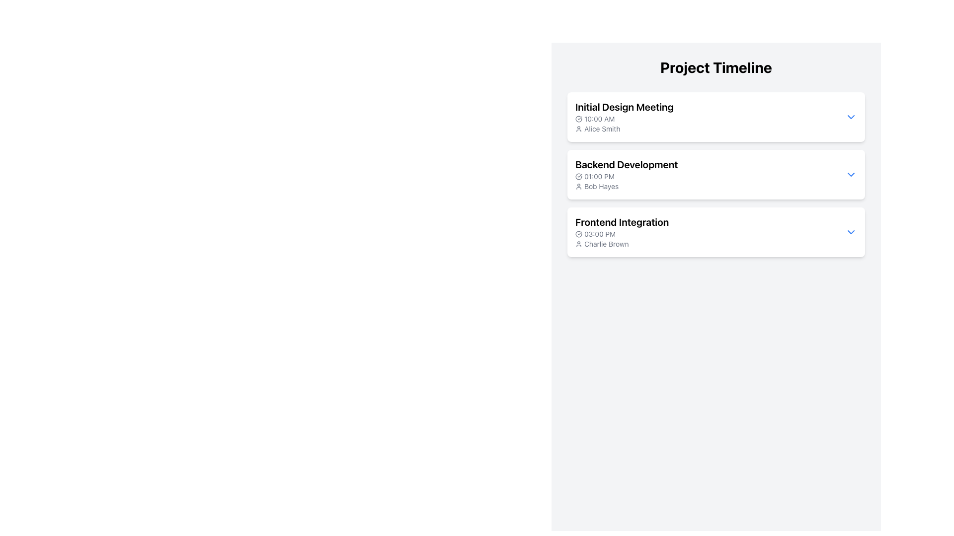 The width and height of the screenshot is (954, 536). Describe the element at coordinates (624, 116) in the screenshot. I see `the first event entry in the 'Project Timeline' section, which displays information about a scheduled event` at that location.